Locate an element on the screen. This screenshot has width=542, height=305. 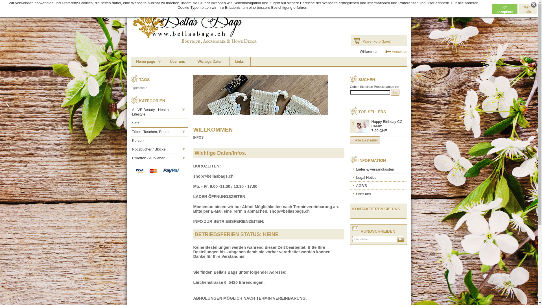
'Liefer & Versandkosten' is located at coordinates (378, 169).